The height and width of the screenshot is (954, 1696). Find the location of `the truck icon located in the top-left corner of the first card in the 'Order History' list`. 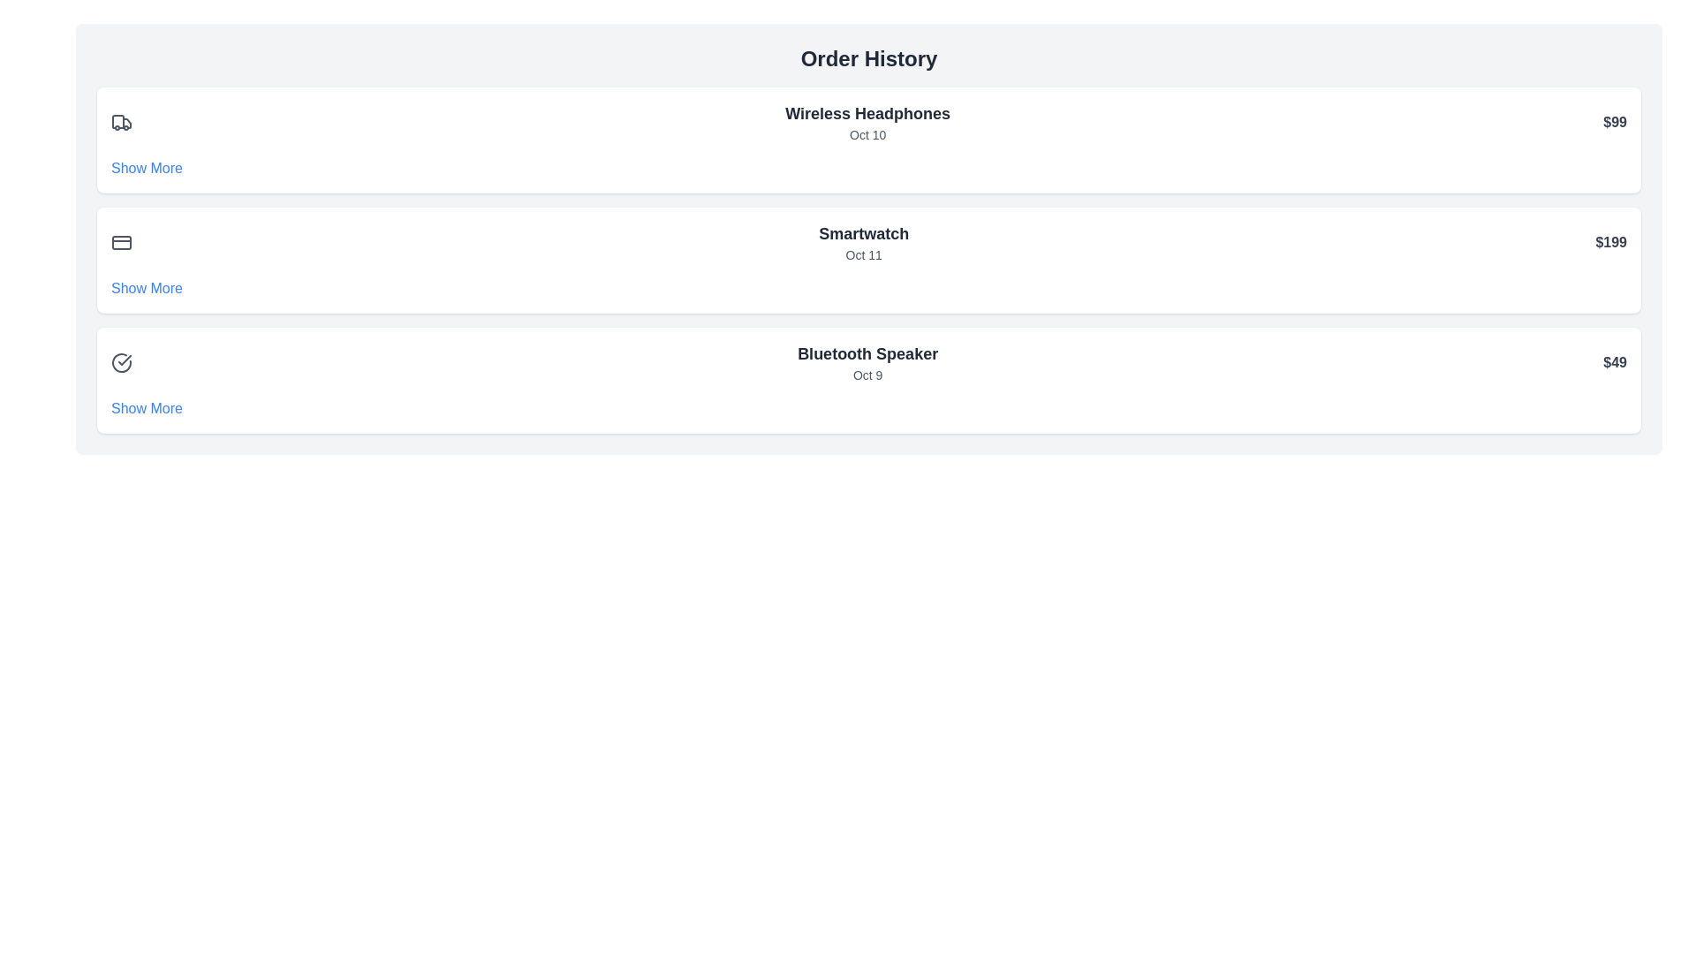

the truck icon located in the top-left corner of the first card in the 'Order History' list is located at coordinates (126, 122).